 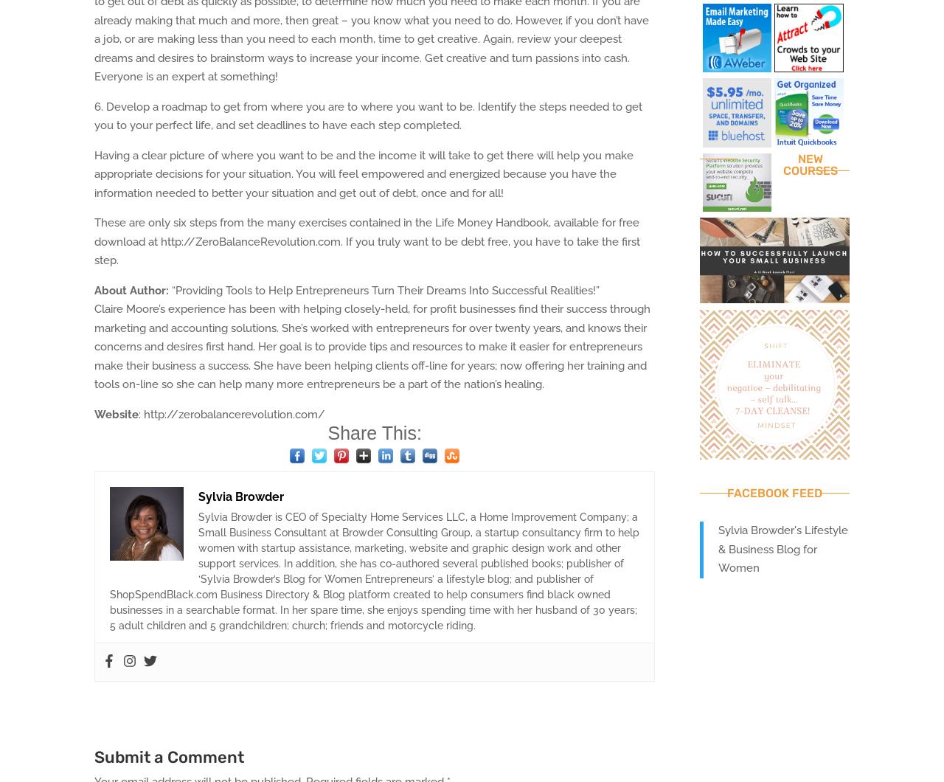 I want to click on '“Providing Tools to Help Entrepreneurs Turn Their Dreams Into Successful Realities!”', so click(x=168, y=290).